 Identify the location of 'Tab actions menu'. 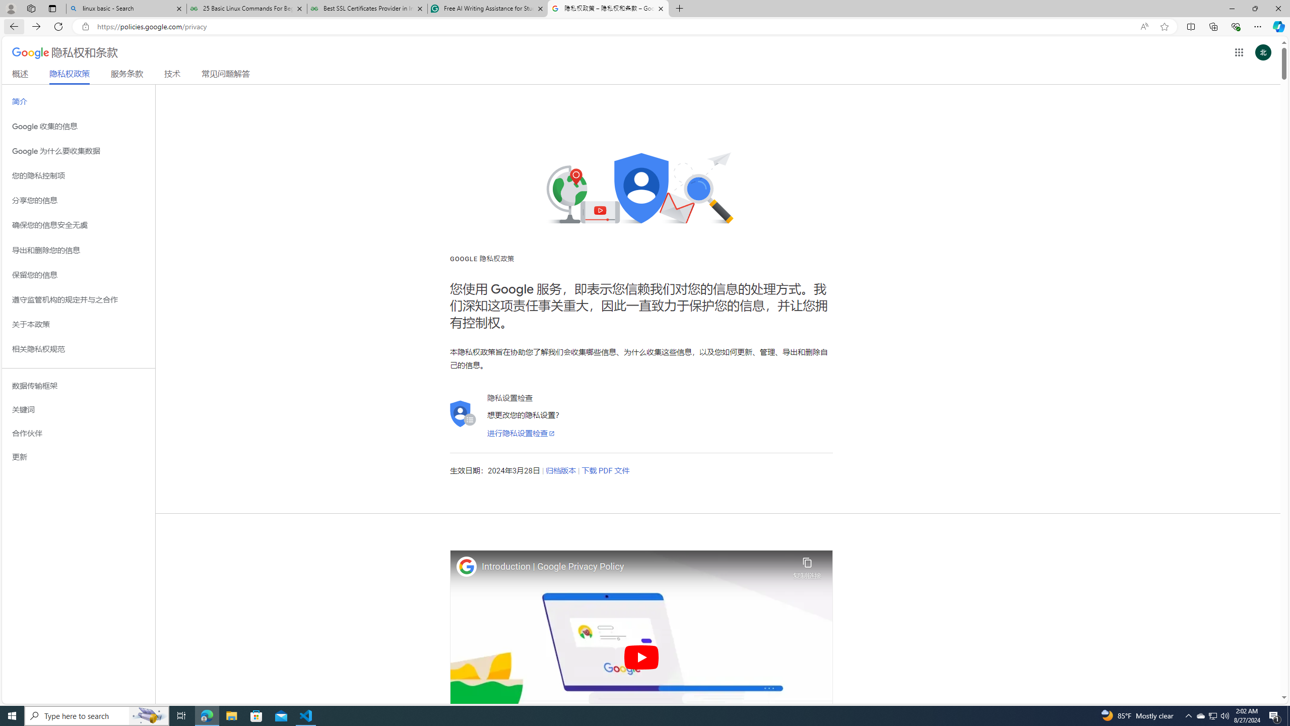
(51, 8).